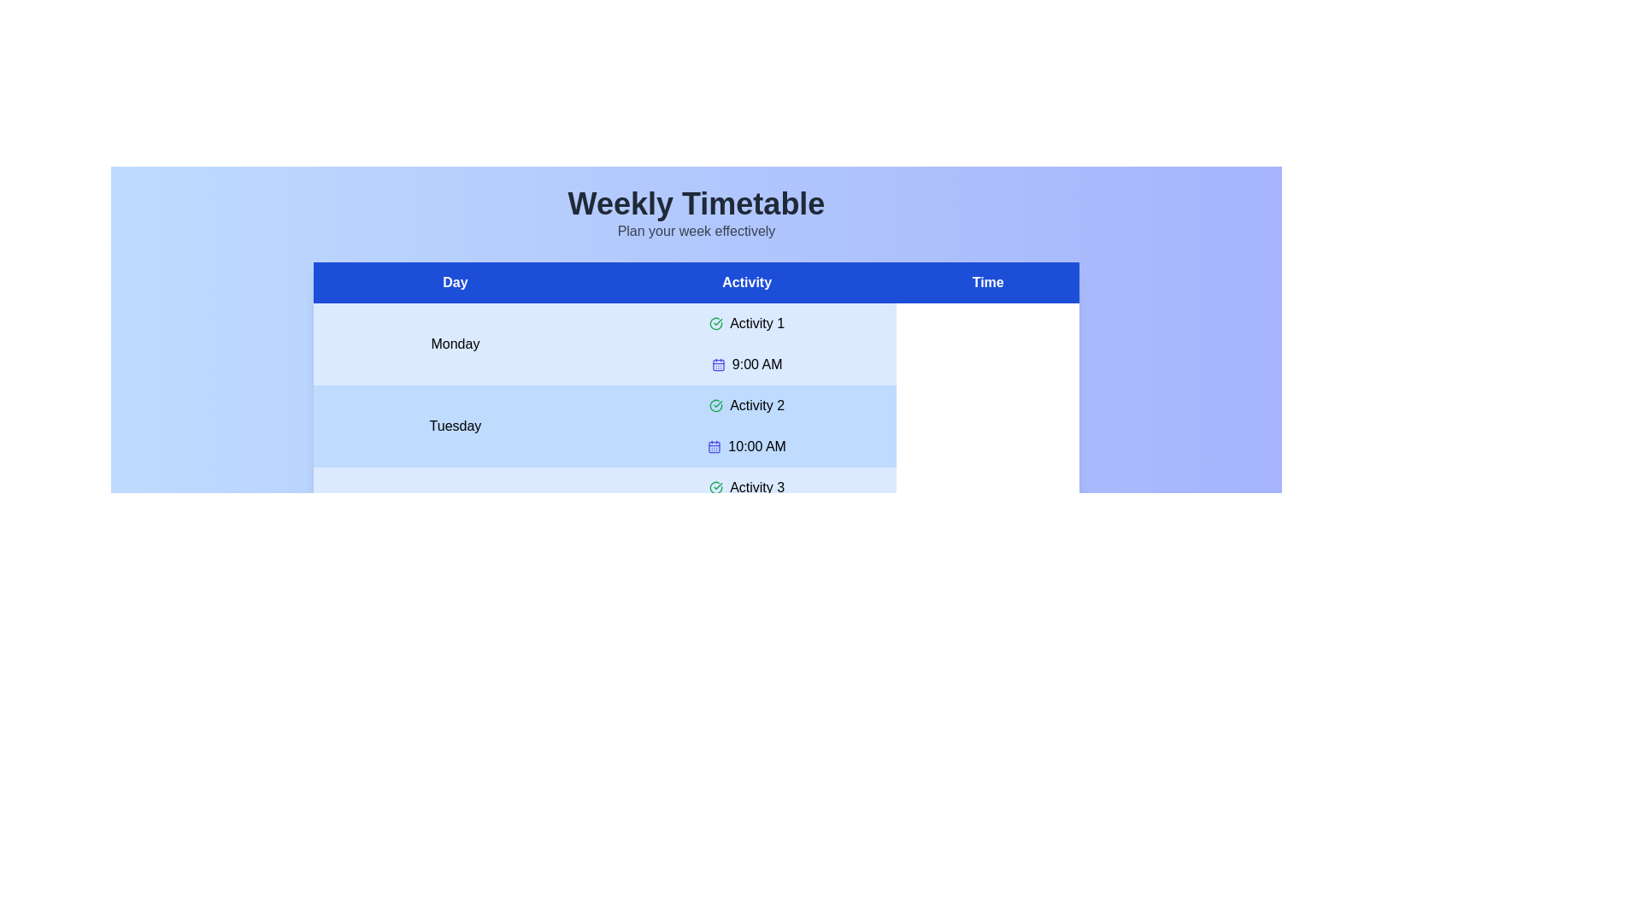  What do you see at coordinates (716, 323) in the screenshot?
I see `the Monday activity icon to view details` at bounding box center [716, 323].